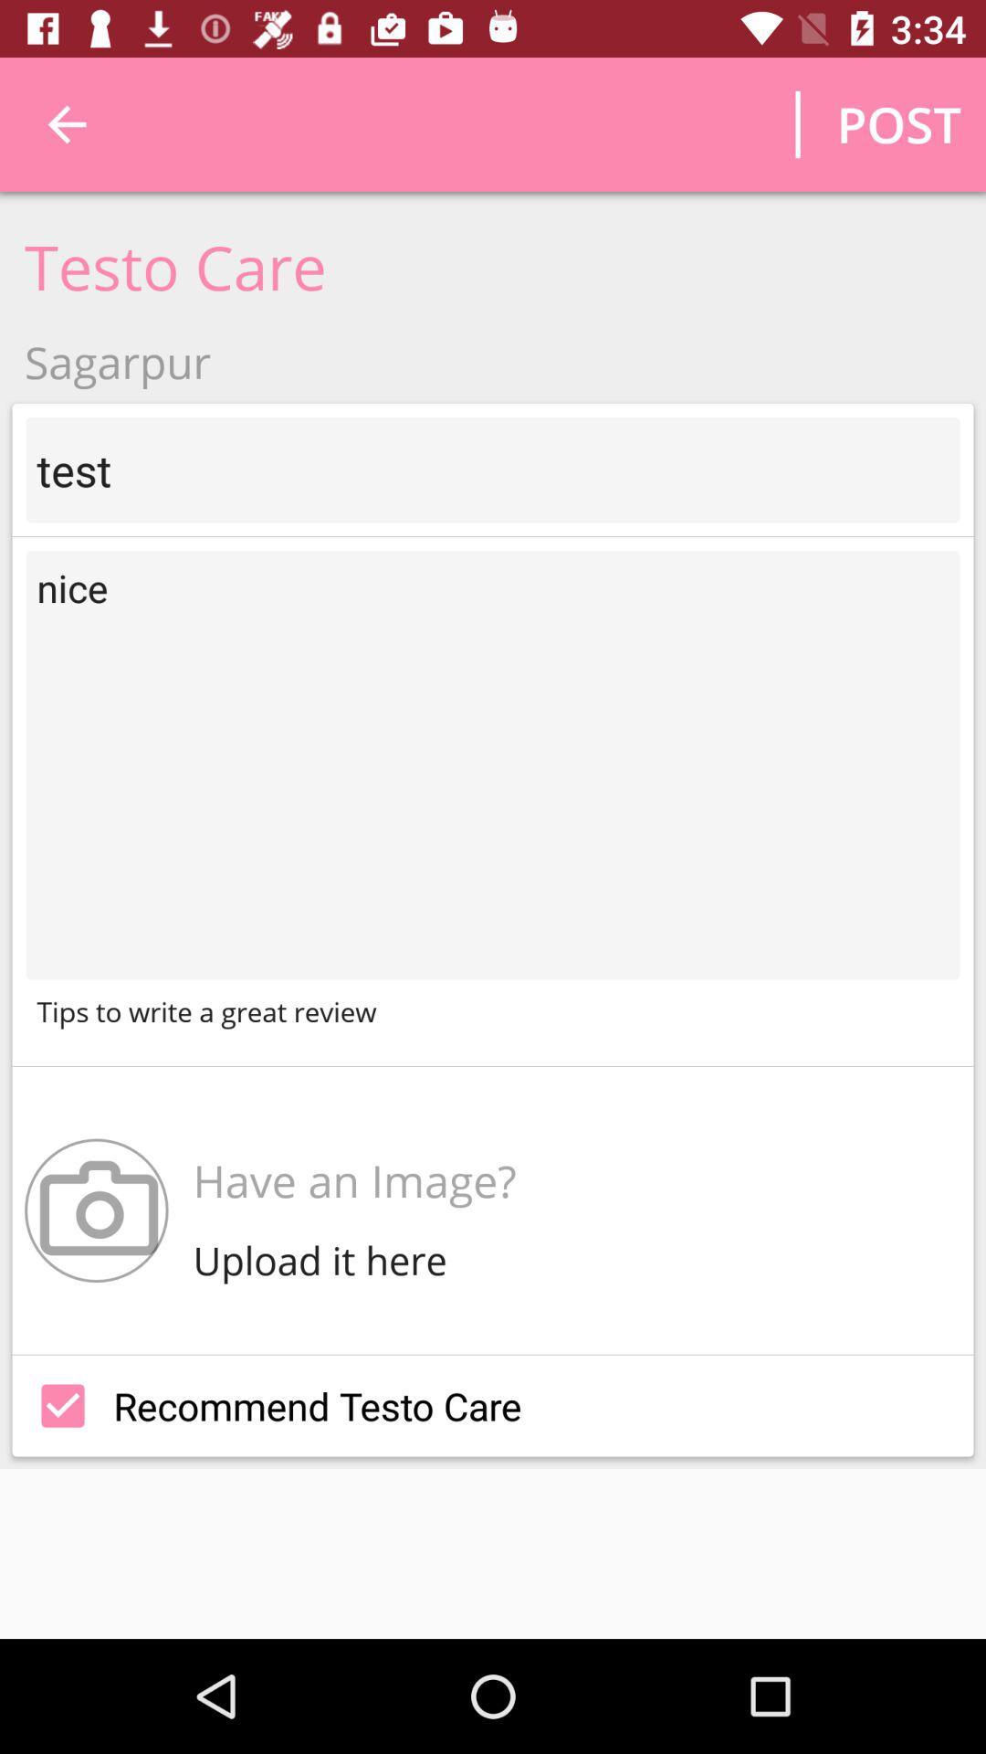 The height and width of the screenshot is (1754, 986). I want to click on the nice icon, so click(493, 765).